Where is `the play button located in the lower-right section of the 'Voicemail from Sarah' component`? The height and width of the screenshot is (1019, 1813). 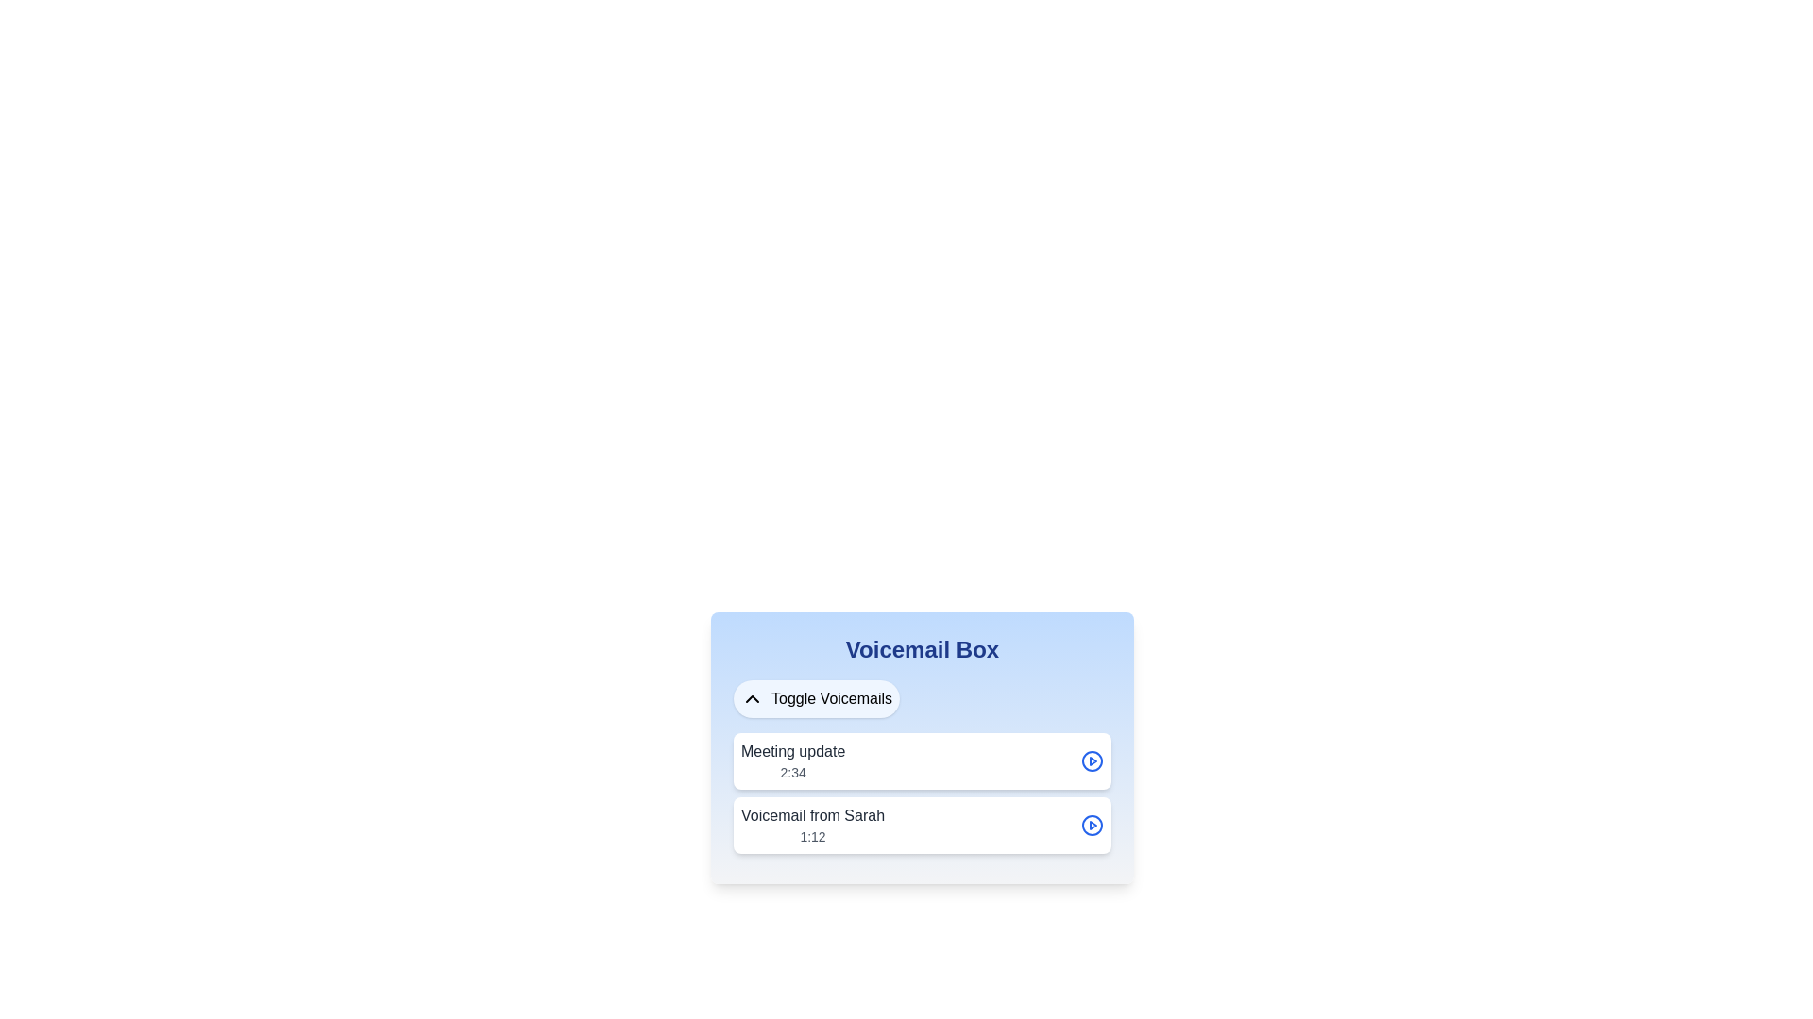 the play button located in the lower-right section of the 'Voicemail from Sarah' component is located at coordinates (1092, 825).